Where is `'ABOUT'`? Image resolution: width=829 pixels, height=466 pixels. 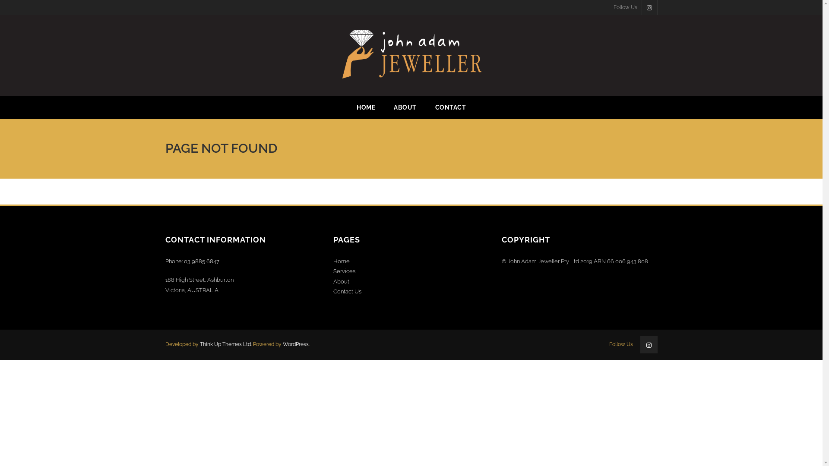
'ABOUT' is located at coordinates (405, 107).